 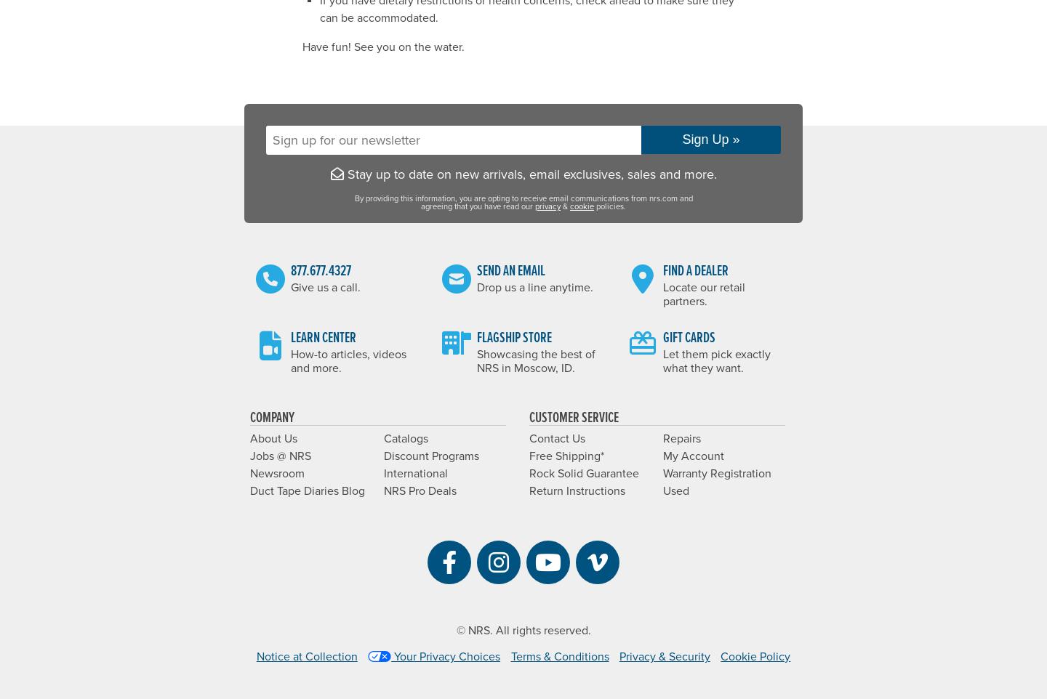 I want to click on 'Discount Programs', so click(x=431, y=456).